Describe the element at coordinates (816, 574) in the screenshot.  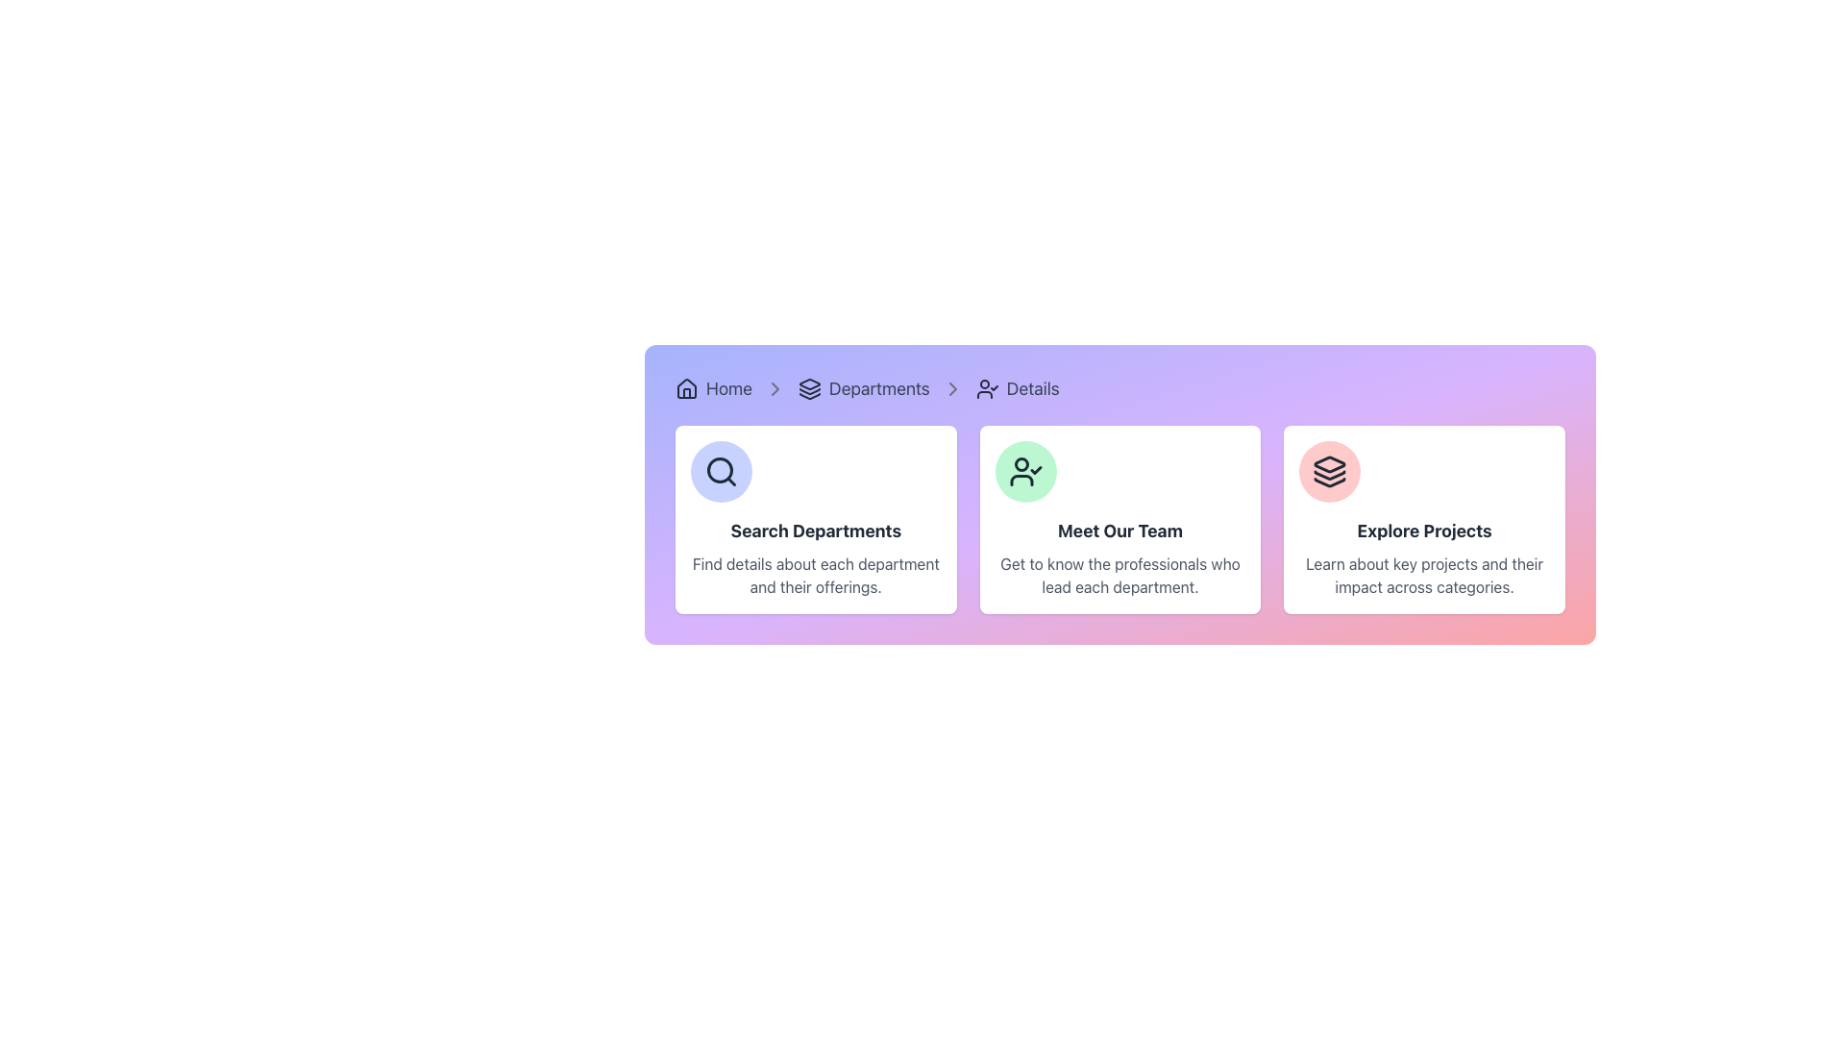
I see `the Text Label that provides information related to searching for department details, located below the 'Search Departments' heading in the first card of a set of three cards` at that location.